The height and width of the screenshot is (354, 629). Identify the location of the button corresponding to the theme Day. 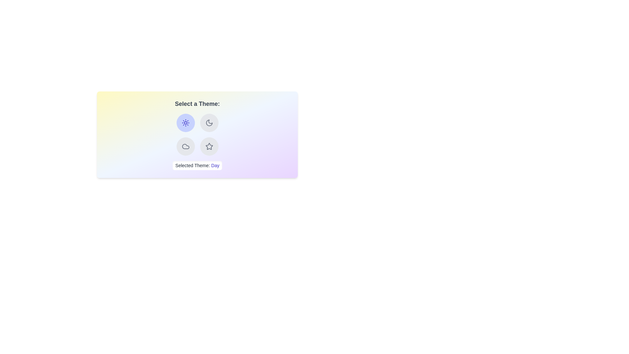
(185, 123).